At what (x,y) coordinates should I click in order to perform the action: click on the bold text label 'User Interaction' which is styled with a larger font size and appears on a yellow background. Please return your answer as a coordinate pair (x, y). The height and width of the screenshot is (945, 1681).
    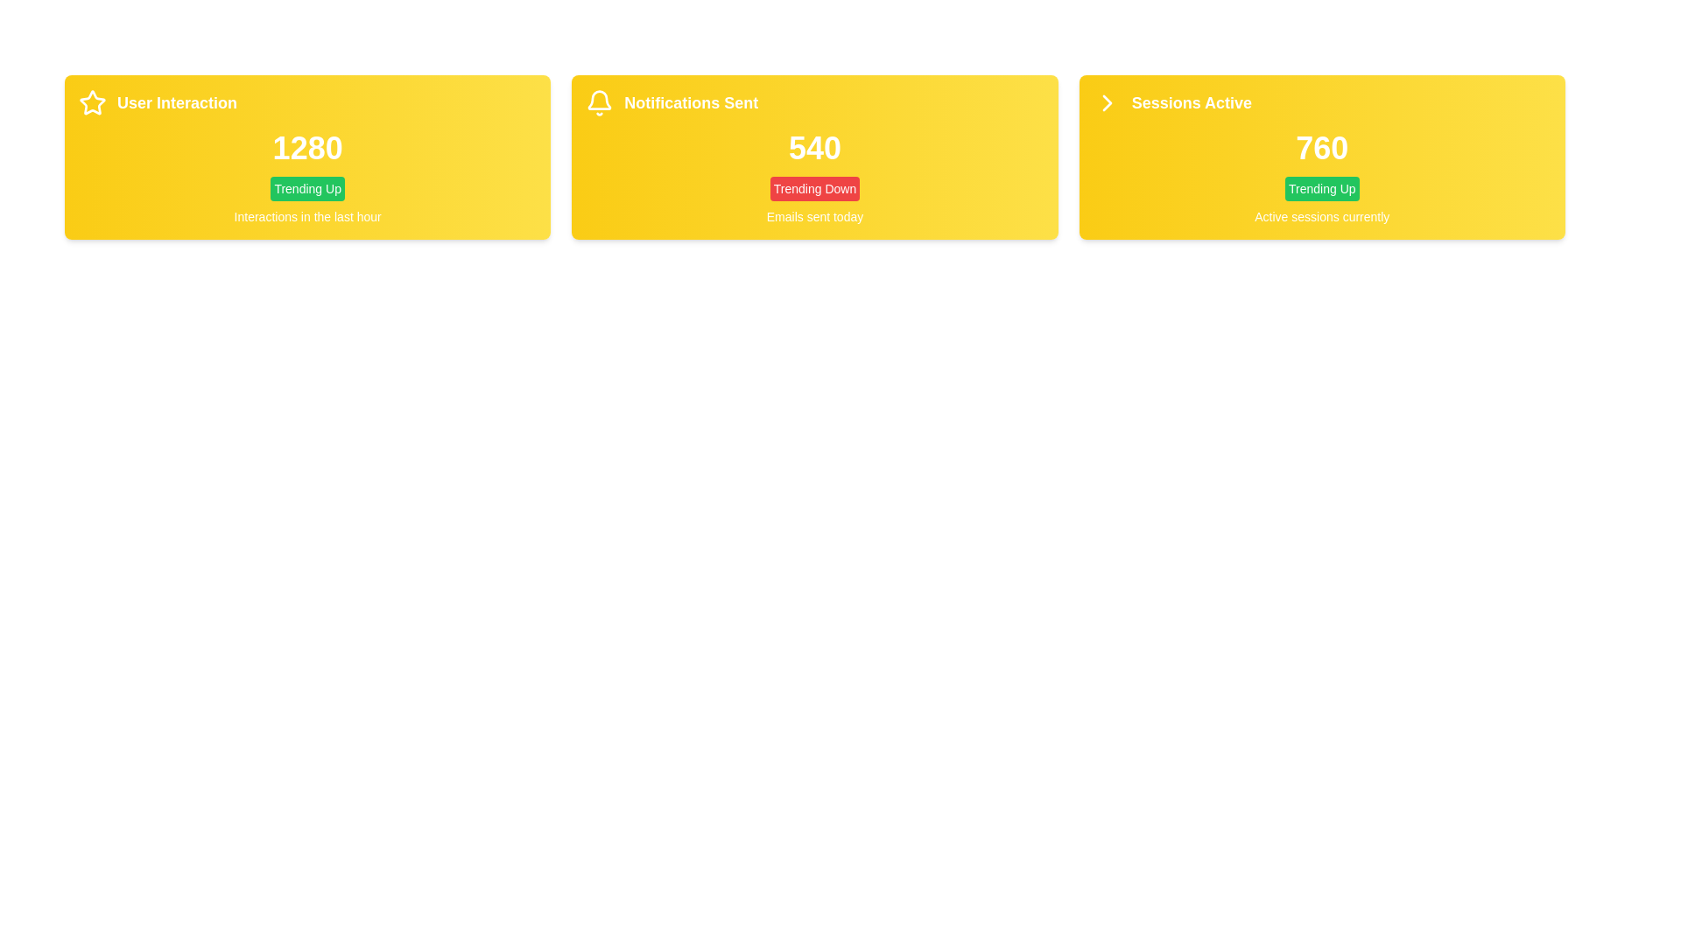
    Looking at the image, I should click on (177, 103).